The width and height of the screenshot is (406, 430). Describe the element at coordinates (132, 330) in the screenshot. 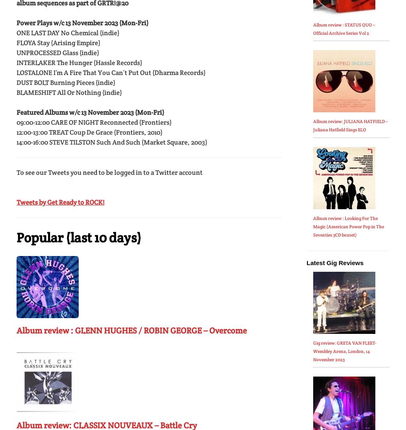

I see `'Album review : GLENN HUGHES / ROBIN GEORGE – Overcome'` at that location.